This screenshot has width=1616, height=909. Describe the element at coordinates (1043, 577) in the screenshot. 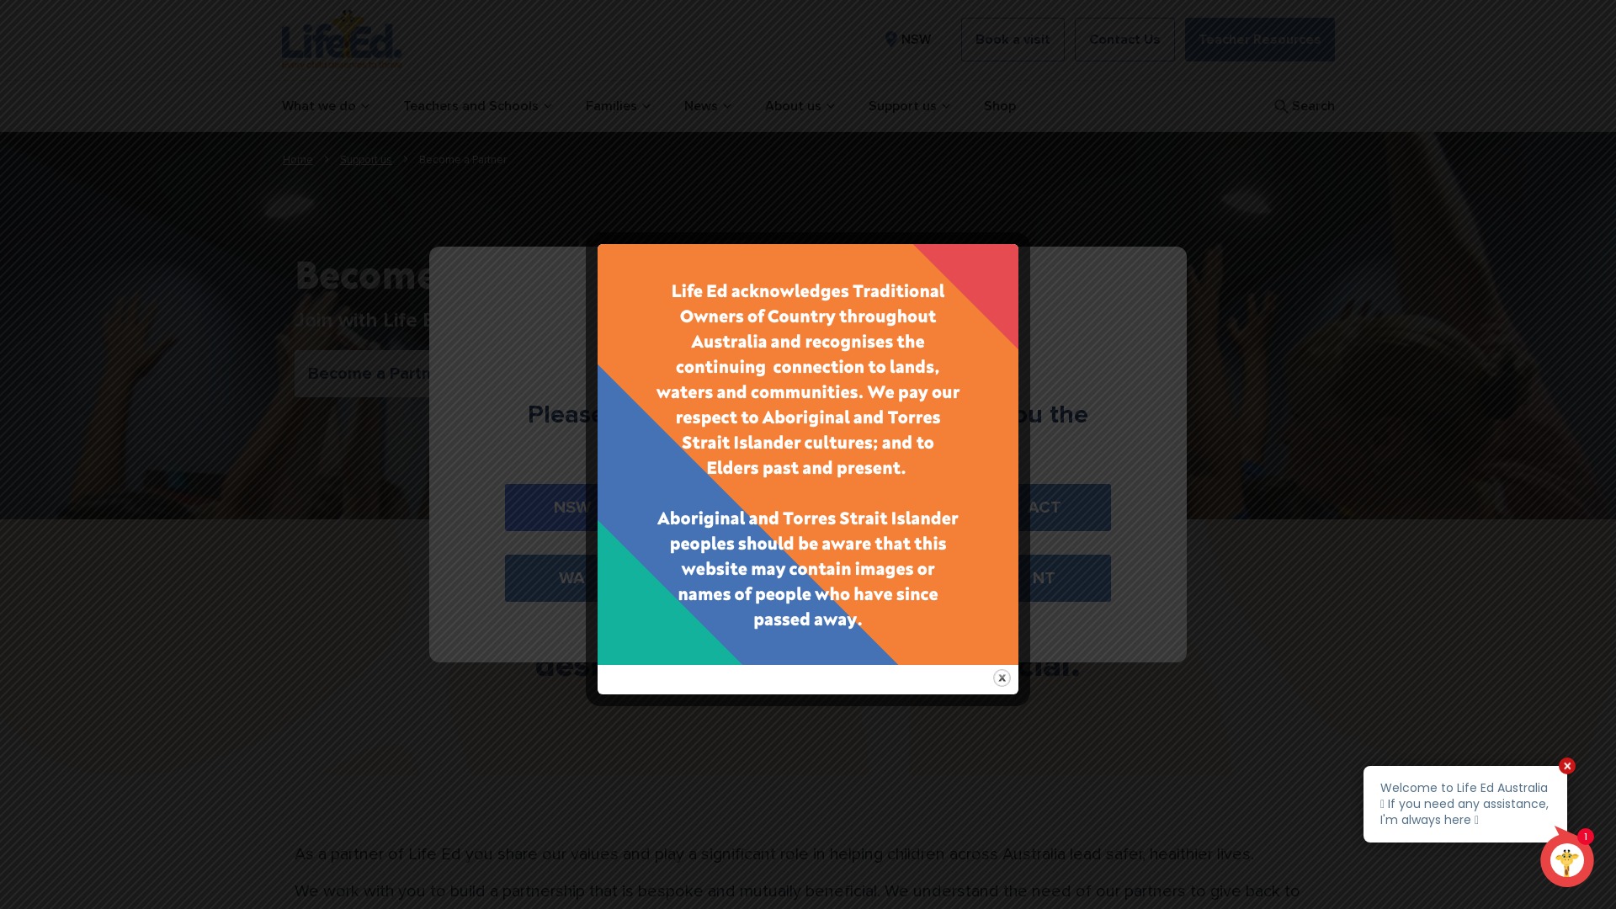

I see `'NT'` at that location.